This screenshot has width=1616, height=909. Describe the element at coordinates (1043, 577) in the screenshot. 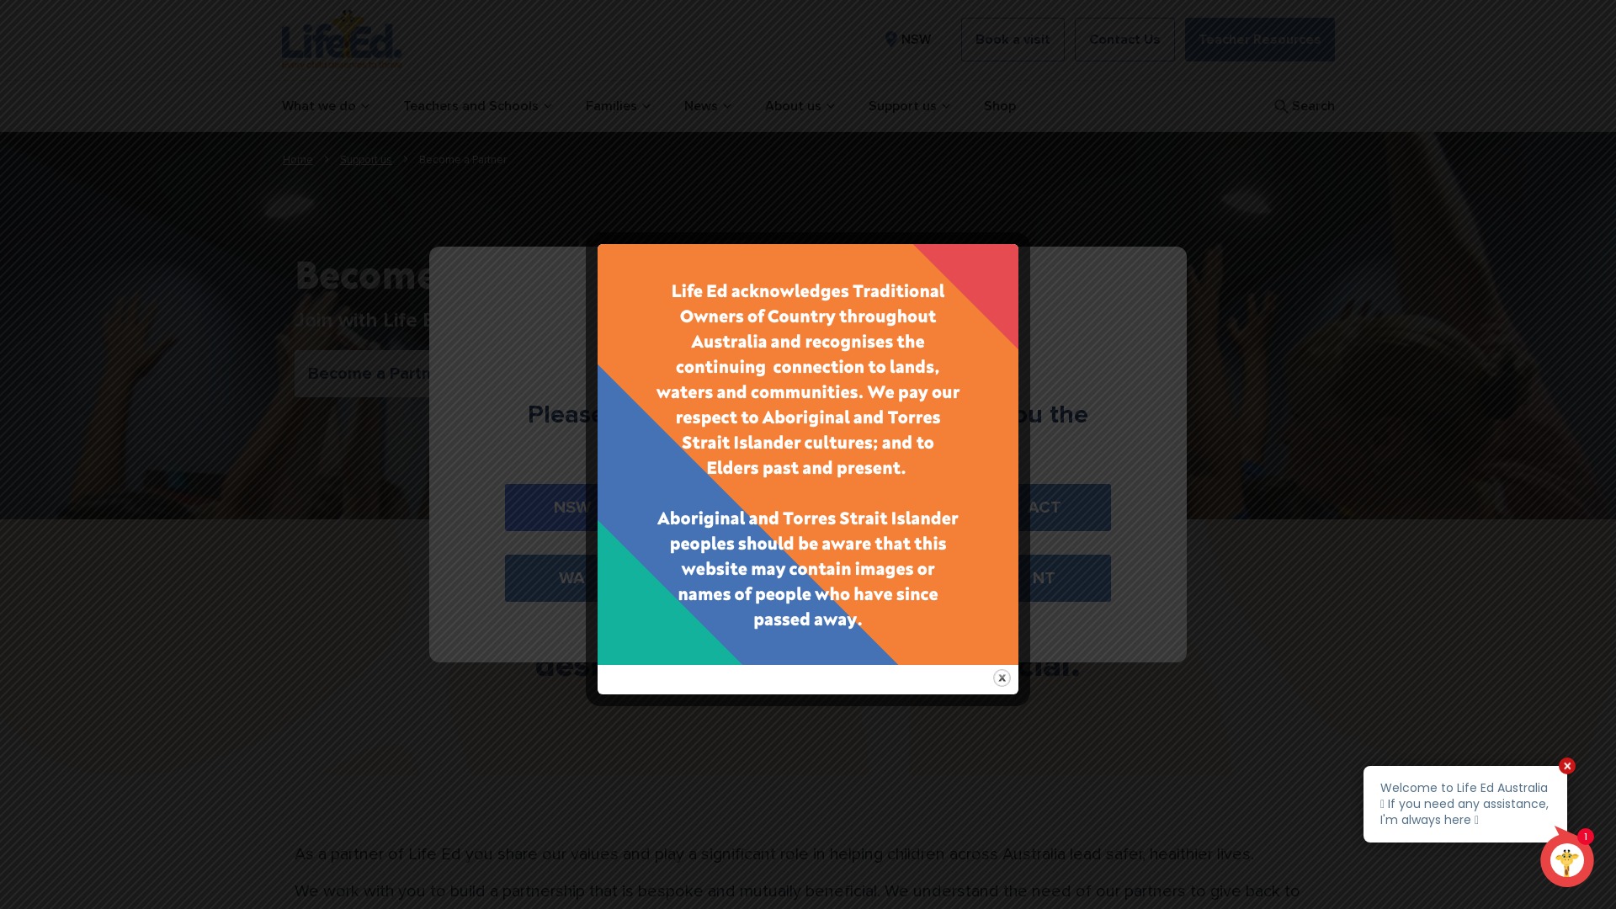

I see `'NT'` at that location.